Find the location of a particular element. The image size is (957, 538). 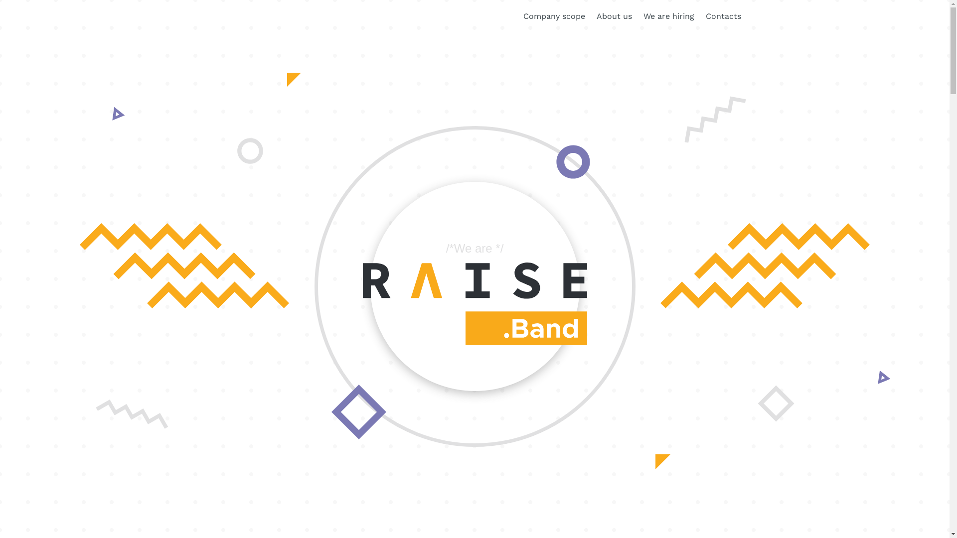

'Company scope' is located at coordinates (554, 15).